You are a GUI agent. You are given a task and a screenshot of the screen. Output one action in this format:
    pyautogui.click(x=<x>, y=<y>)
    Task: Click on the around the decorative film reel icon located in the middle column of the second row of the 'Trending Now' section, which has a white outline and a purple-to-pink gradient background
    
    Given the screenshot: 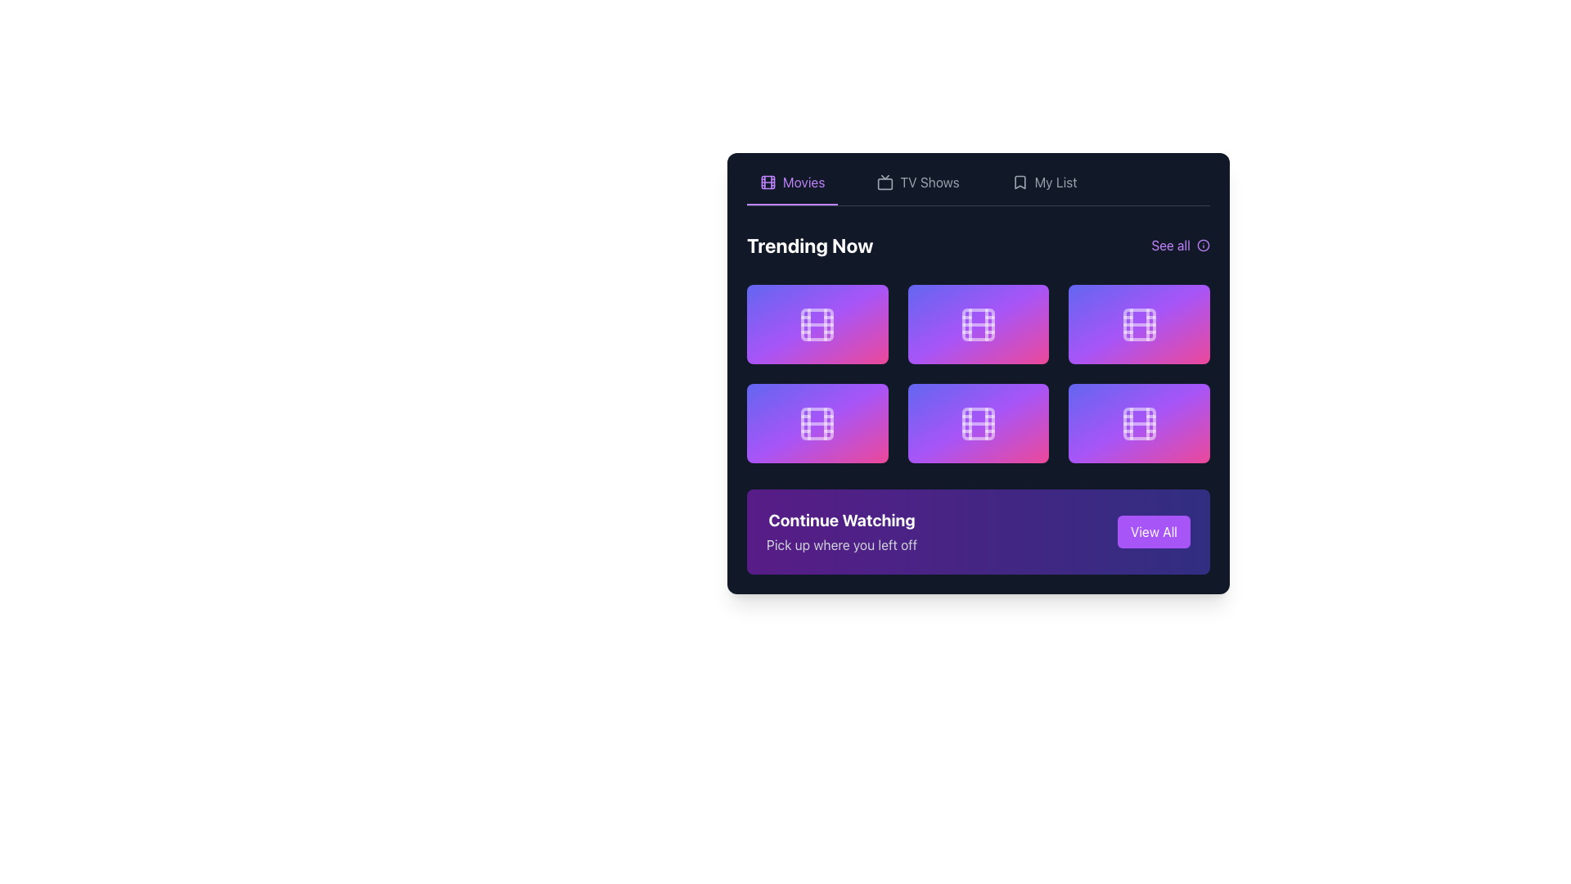 What is the action you would take?
    pyautogui.click(x=978, y=422)
    